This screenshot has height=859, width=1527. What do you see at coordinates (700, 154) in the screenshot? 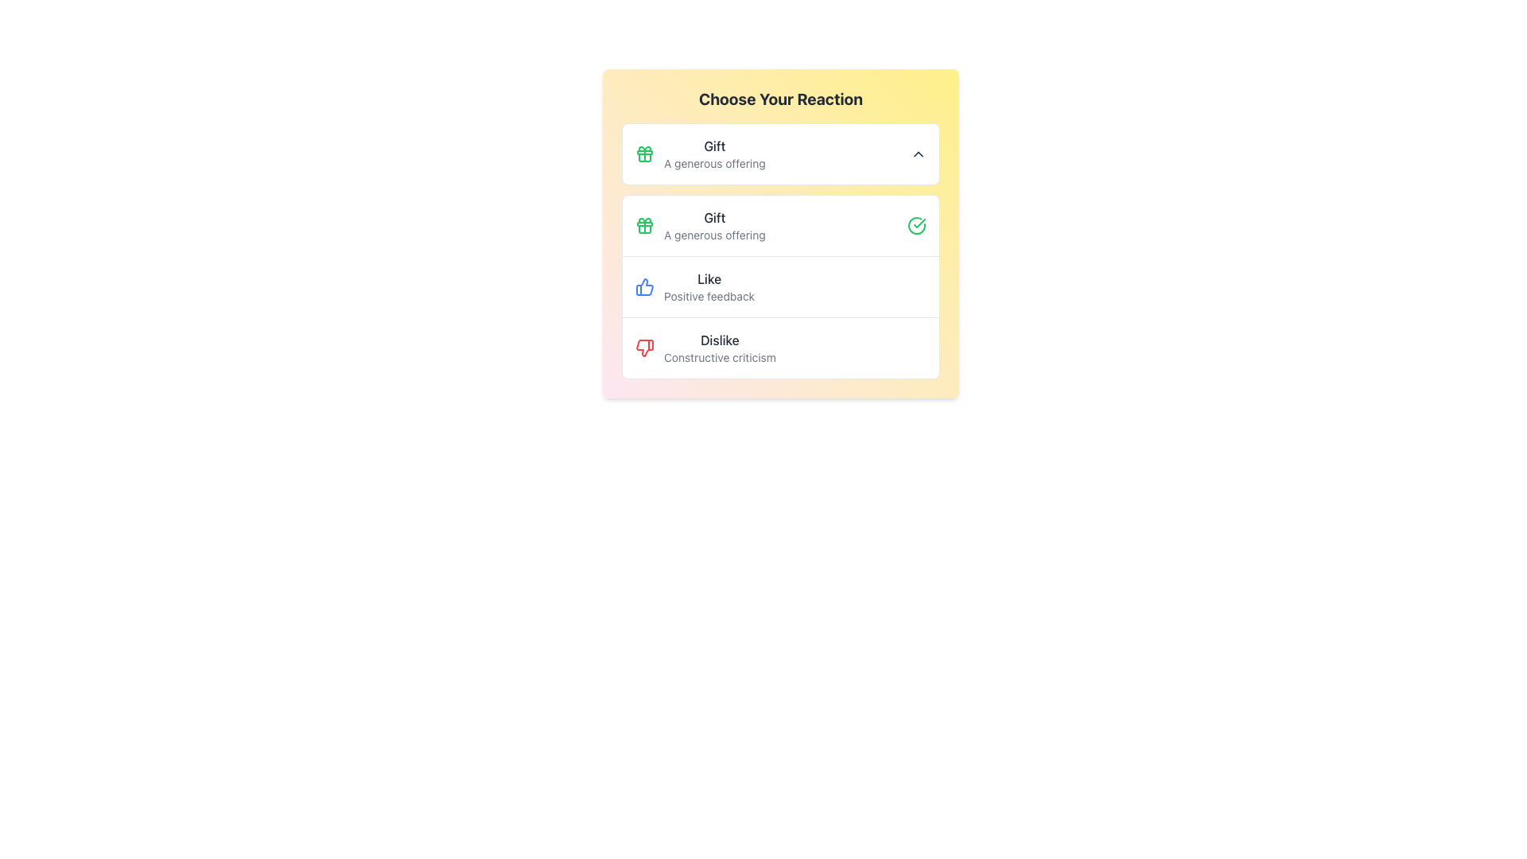
I see `description text of the 'Gift' menu item, which includes the title 'Gift' and the subtitle 'A generous offering', accompanied by a green gift icon` at bounding box center [700, 154].